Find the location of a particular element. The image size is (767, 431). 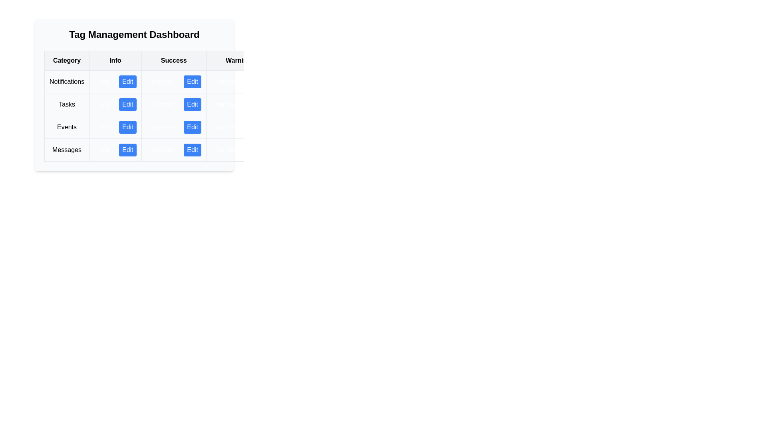

the static label identifying the category 'Notifications' in the first column of the table under the header 'Category' is located at coordinates (67, 81).